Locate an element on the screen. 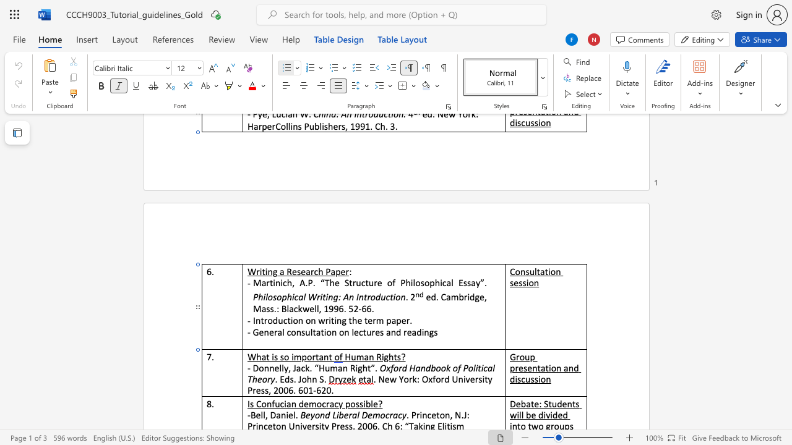 The image size is (792, 445). the 2th character "n" in the text is located at coordinates (301, 320).